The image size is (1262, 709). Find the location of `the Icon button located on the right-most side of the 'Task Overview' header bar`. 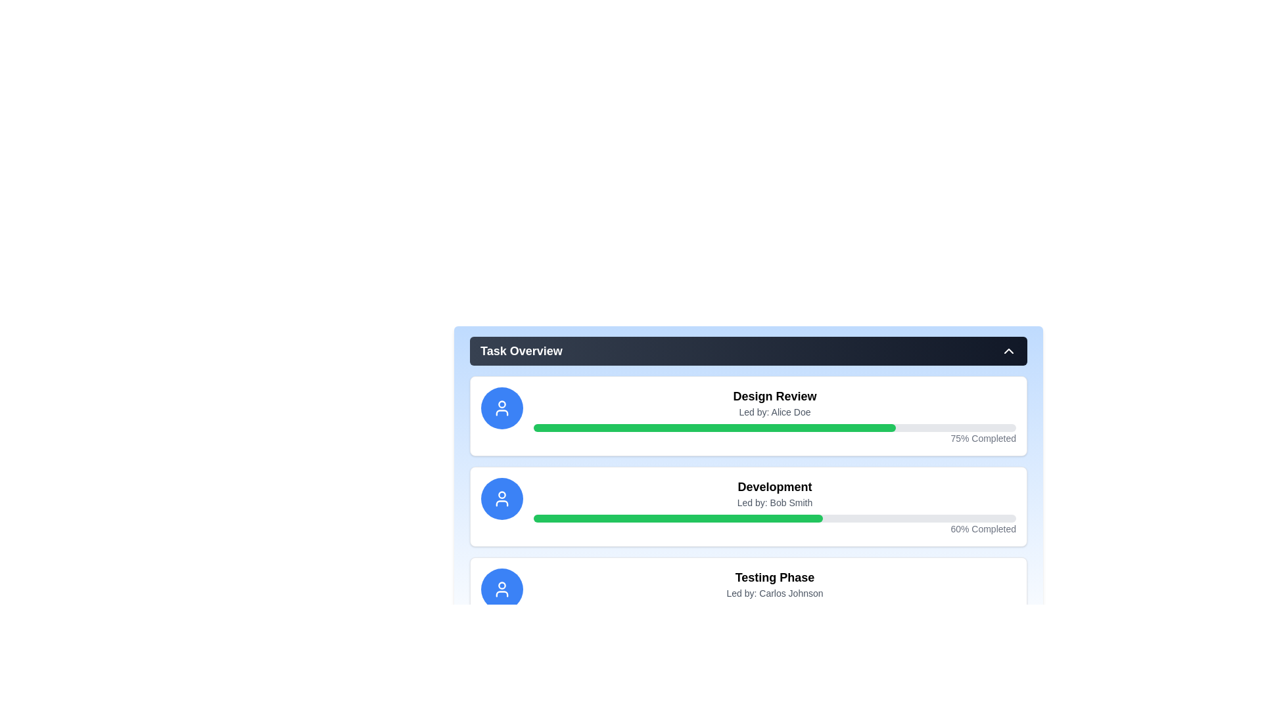

the Icon button located on the right-most side of the 'Task Overview' header bar is located at coordinates (1008, 351).